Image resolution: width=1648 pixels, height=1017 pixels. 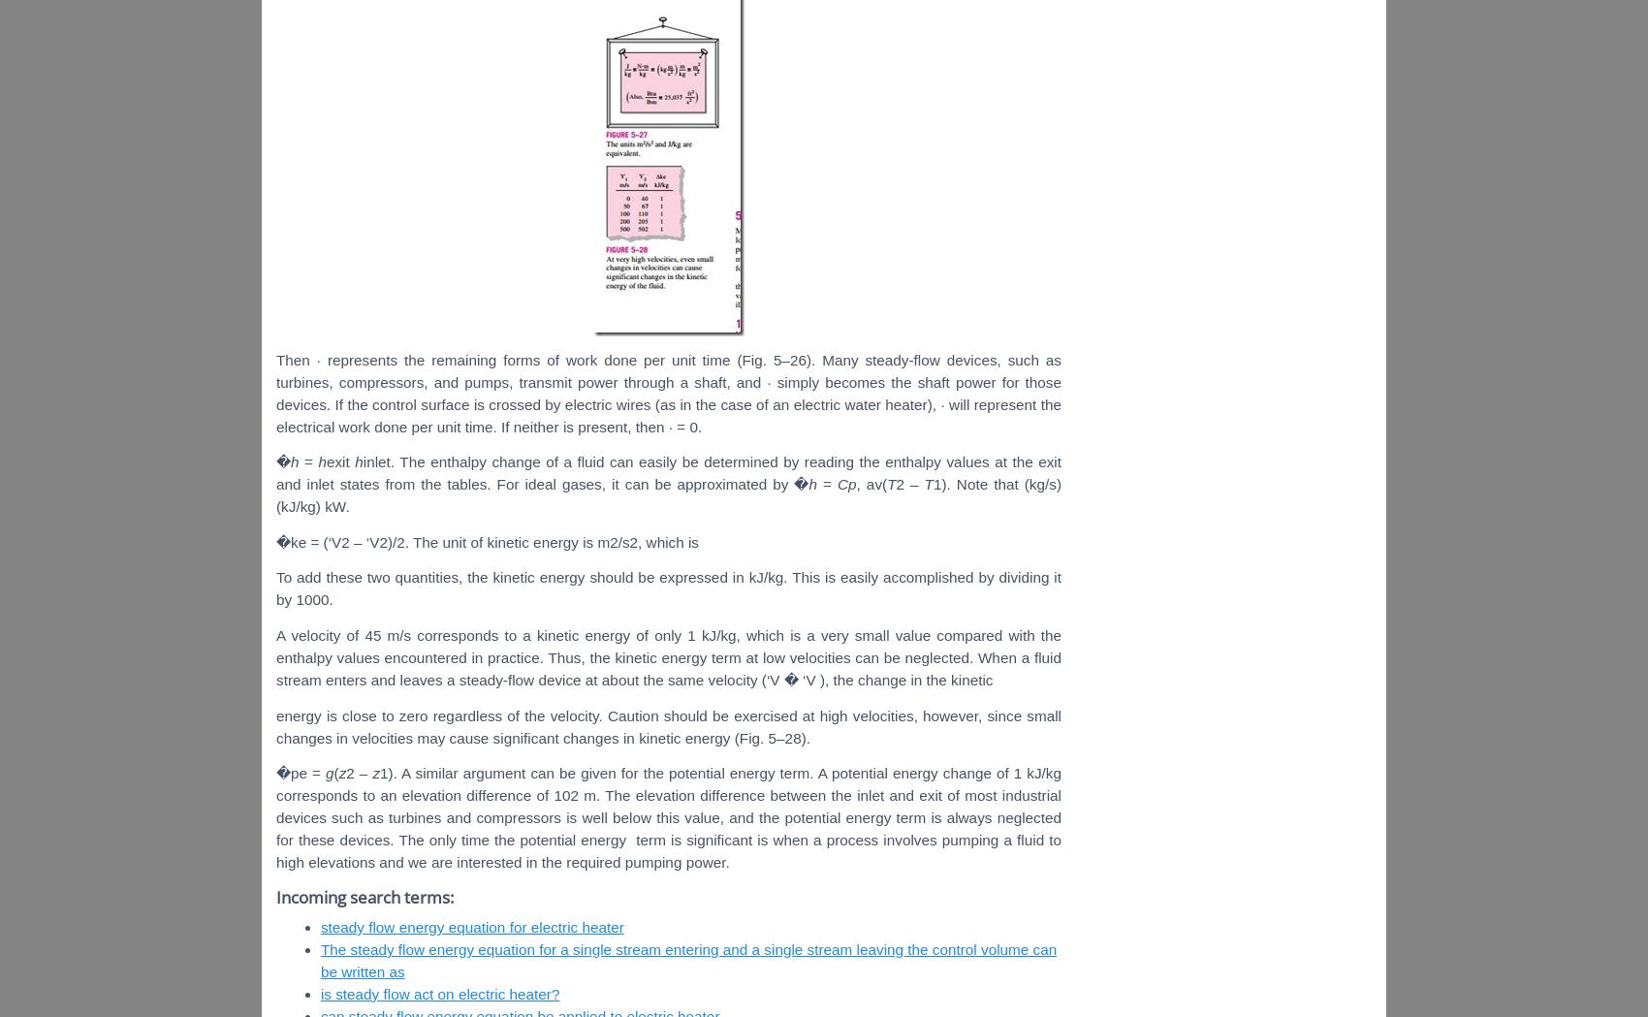 What do you see at coordinates (669, 829) in the screenshot?
I see `'always neglected for these devices. The only time the potential energy'` at bounding box center [669, 829].